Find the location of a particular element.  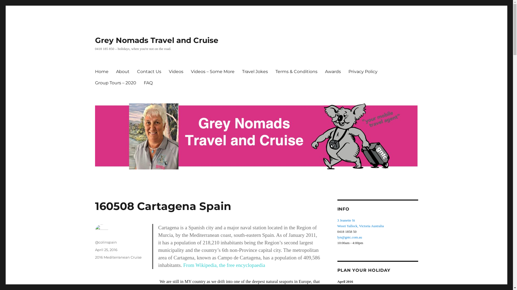

'Home' is located at coordinates (102, 71).